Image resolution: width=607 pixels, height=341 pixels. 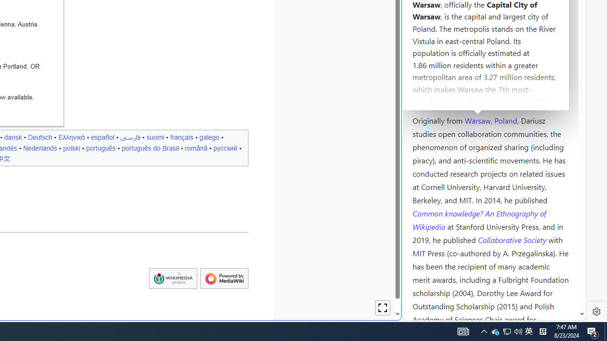 What do you see at coordinates (223, 278) in the screenshot?
I see `'Powered by MediaWiki'` at bounding box center [223, 278].